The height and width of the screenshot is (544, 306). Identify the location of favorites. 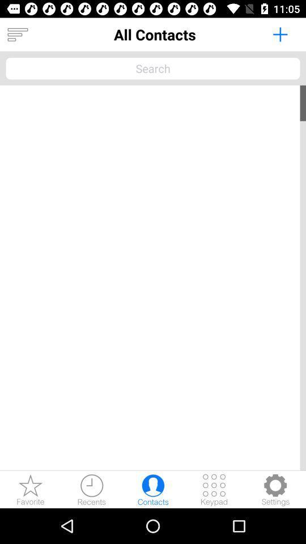
(31, 489).